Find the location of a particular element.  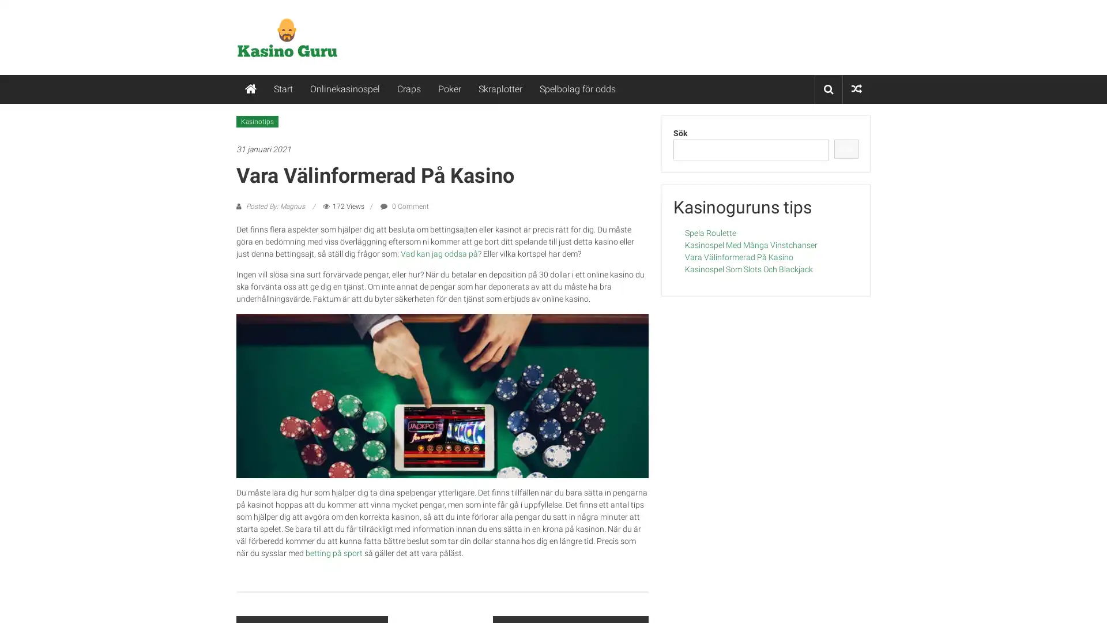

Sok is located at coordinates (846, 148).